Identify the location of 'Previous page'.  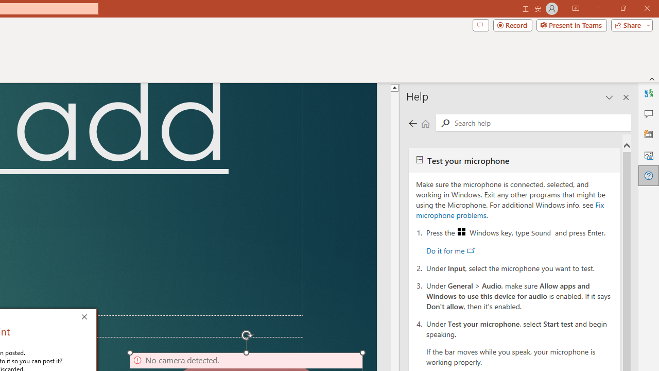
(412, 123).